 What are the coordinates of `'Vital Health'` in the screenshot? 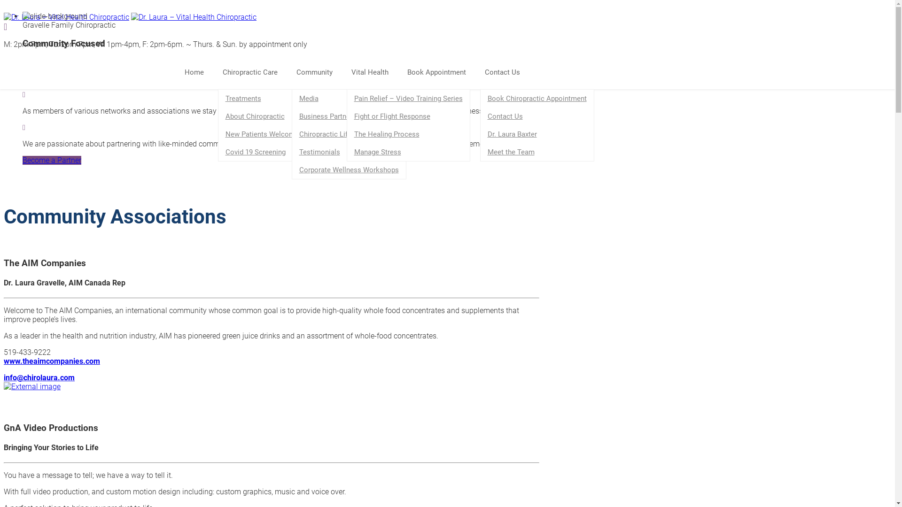 It's located at (374, 72).